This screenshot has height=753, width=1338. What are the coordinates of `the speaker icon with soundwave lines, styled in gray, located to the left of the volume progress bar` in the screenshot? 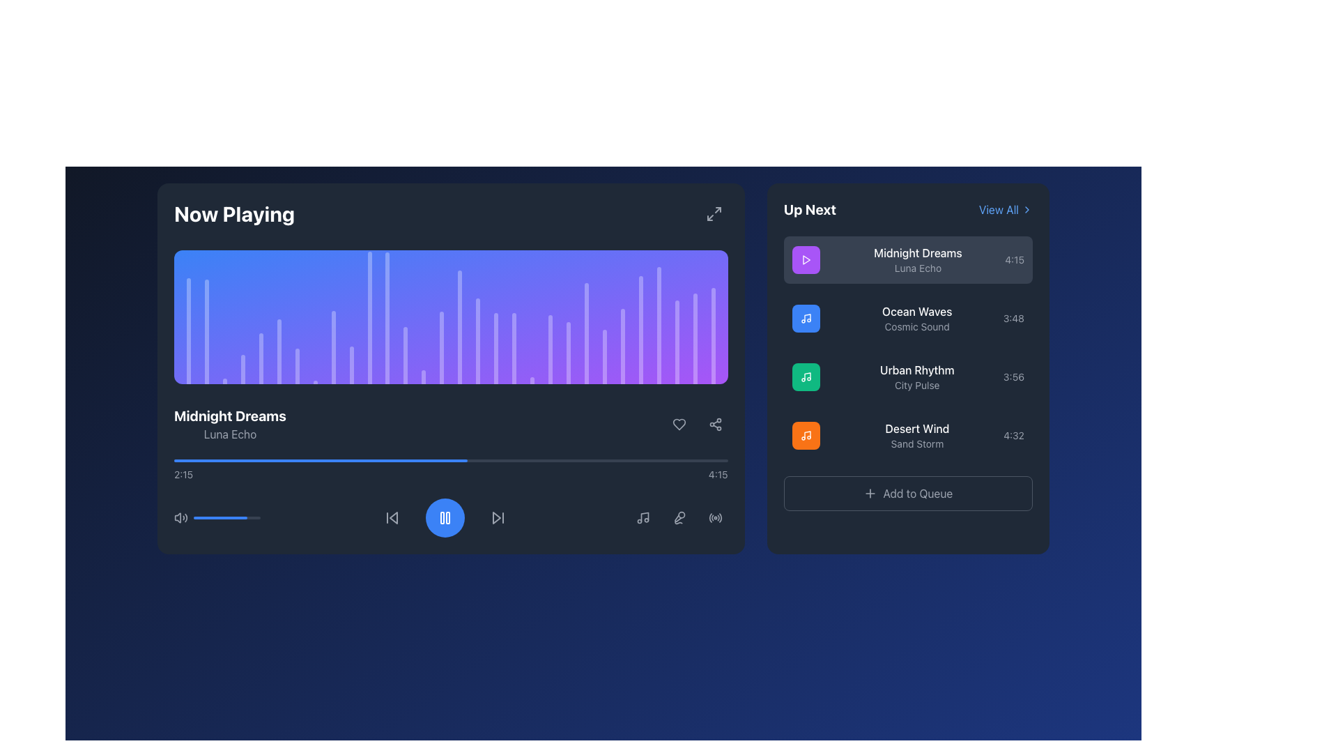 It's located at (180, 518).